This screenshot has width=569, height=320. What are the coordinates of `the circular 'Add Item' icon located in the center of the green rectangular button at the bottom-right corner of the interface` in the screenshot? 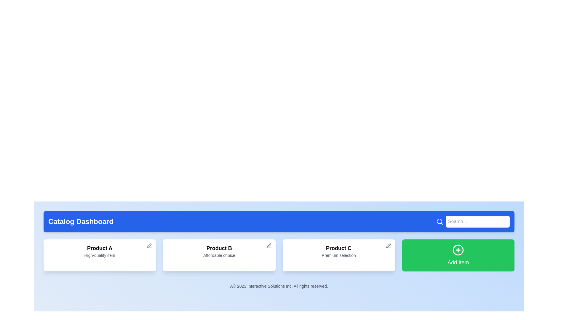 It's located at (458, 250).